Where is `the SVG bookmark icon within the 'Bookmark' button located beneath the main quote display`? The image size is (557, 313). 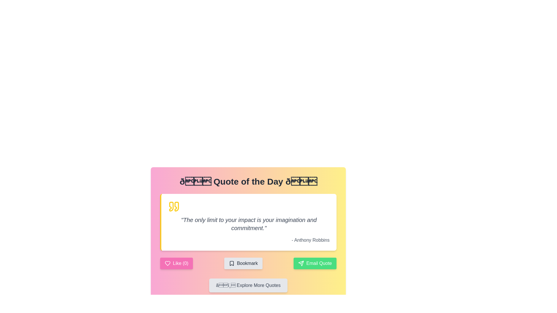
the SVG bookmark icon within the 'Bookmark' button located beneath the main quote display is located at coordinates (231, 263).